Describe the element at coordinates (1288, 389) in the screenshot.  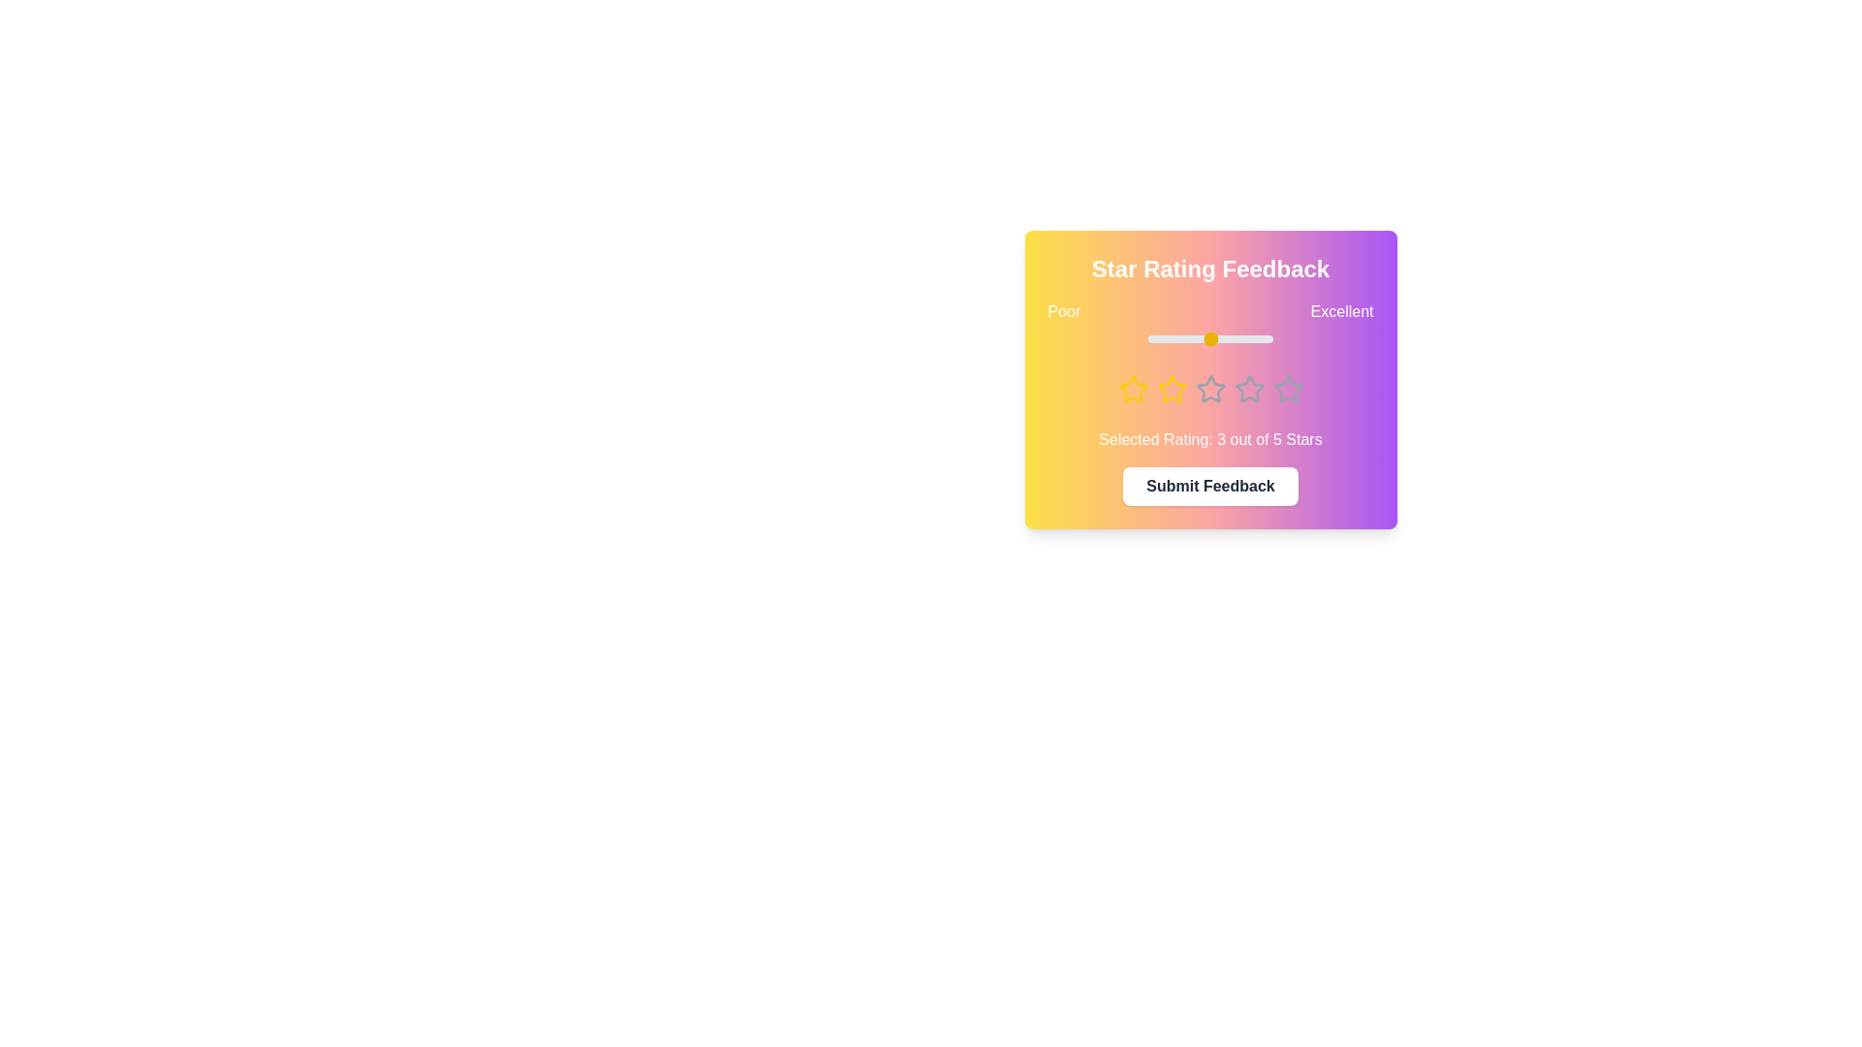
I see `the star corresponding to the desired rating 5` at that location.